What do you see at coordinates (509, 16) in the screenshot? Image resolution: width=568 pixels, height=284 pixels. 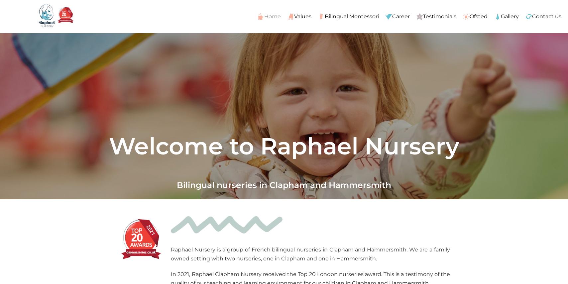 I see `'Gallery'` at bounding box center [509, 16].